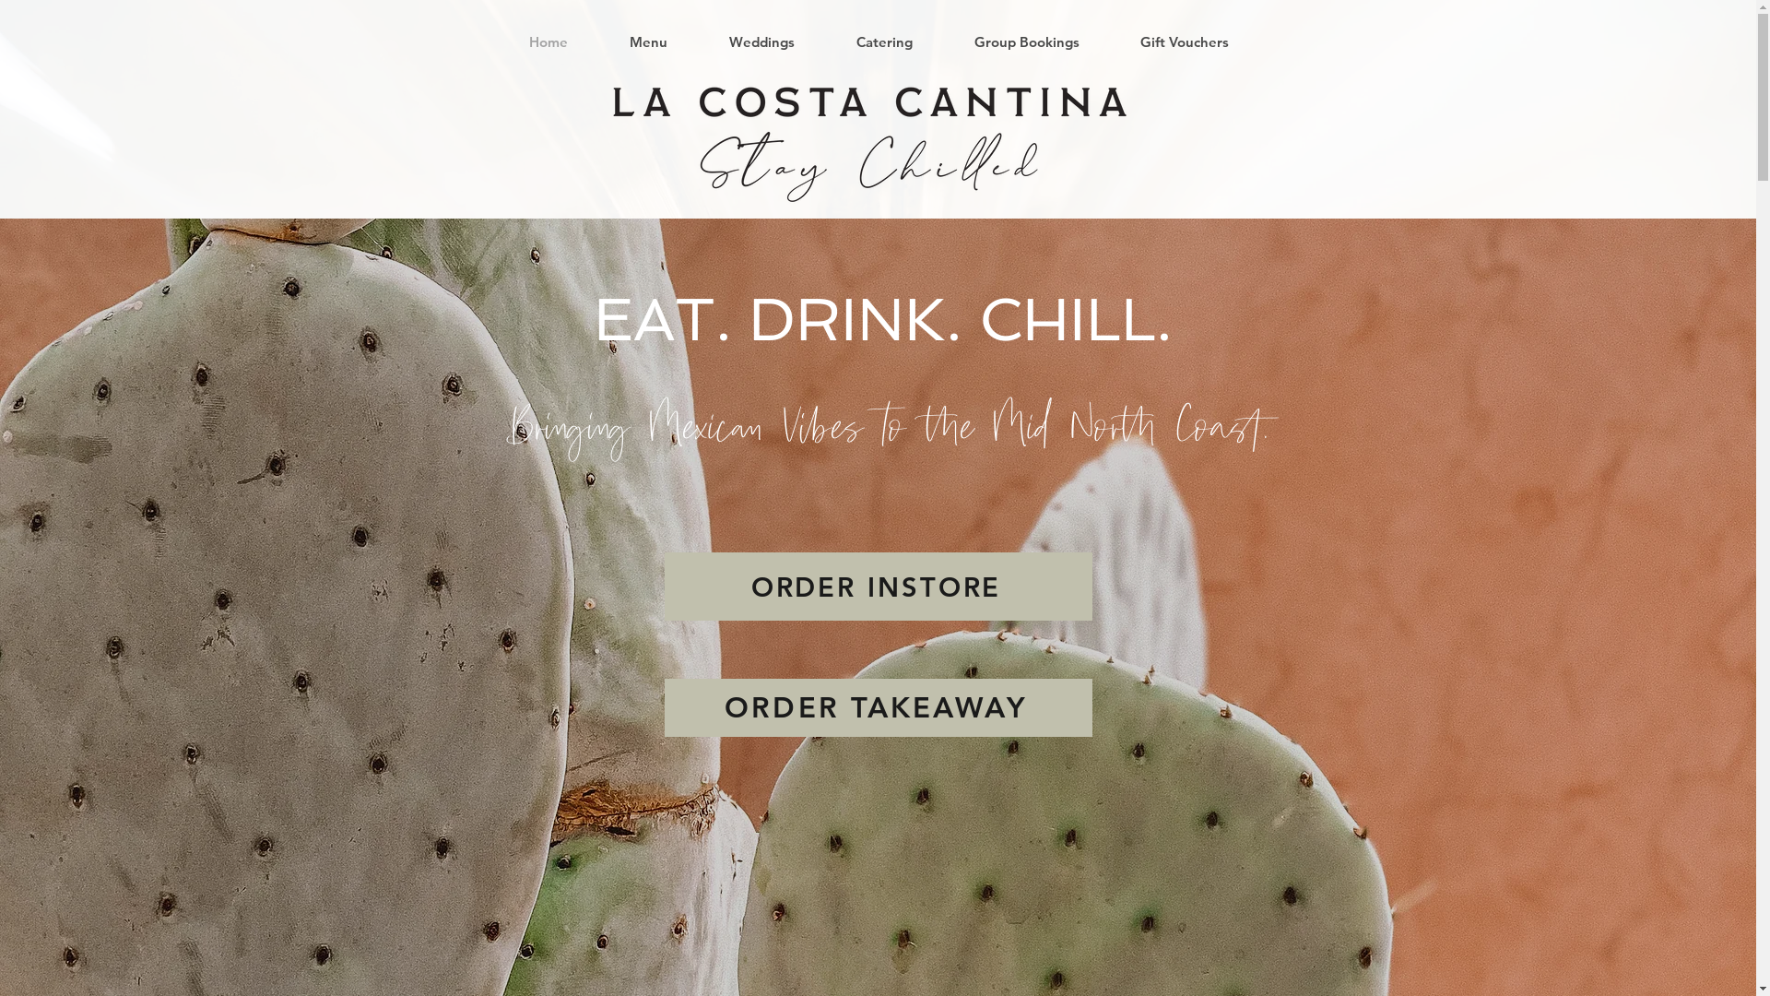 The width and height of the screenshot is (1770, 996). Describe the element at coordinates (547, 41) in the screenshot. I see `'Home'` at that location.